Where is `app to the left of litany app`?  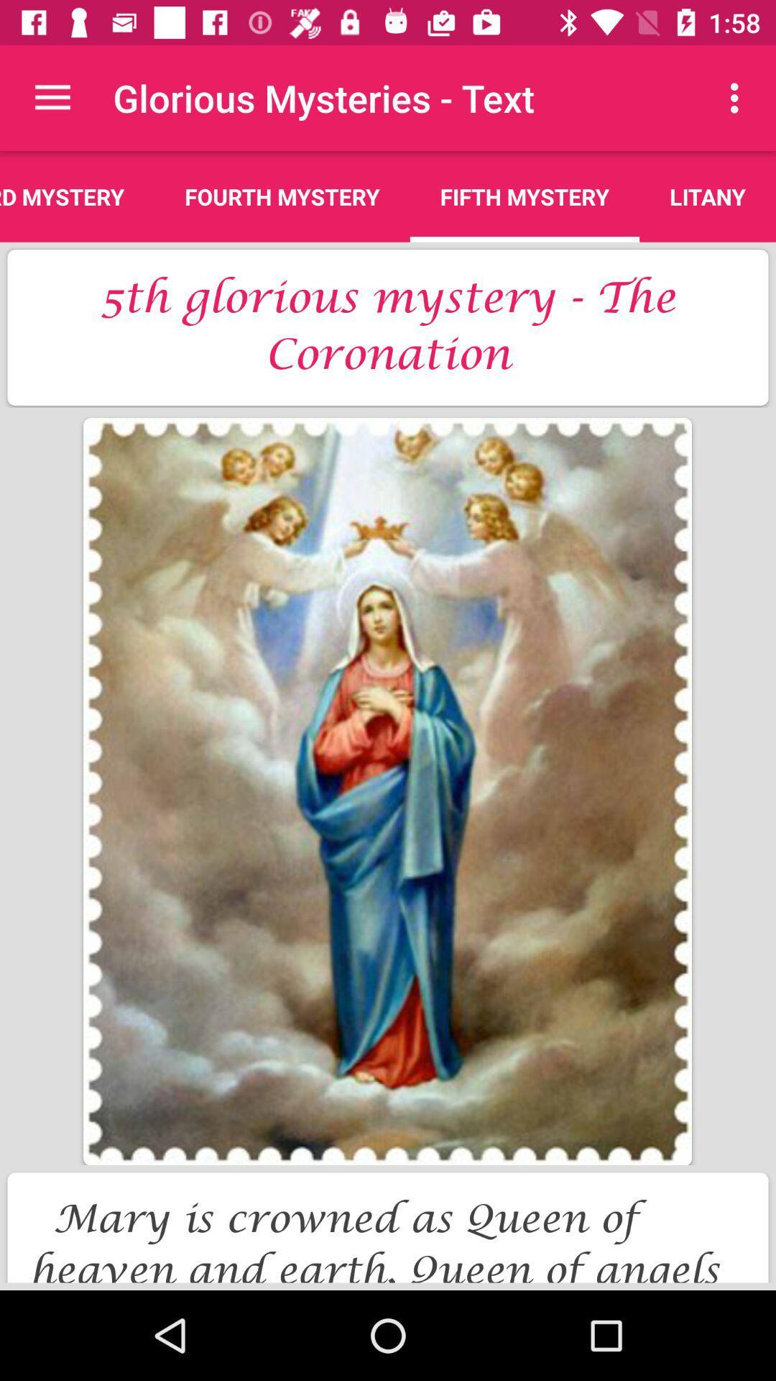
app to the left of litany app is located at coordinates (525, 196).